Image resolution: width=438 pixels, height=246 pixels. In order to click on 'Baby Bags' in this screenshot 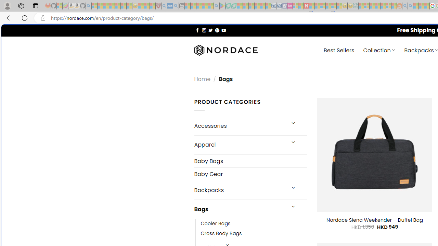, I will do `click(250, 161)`.